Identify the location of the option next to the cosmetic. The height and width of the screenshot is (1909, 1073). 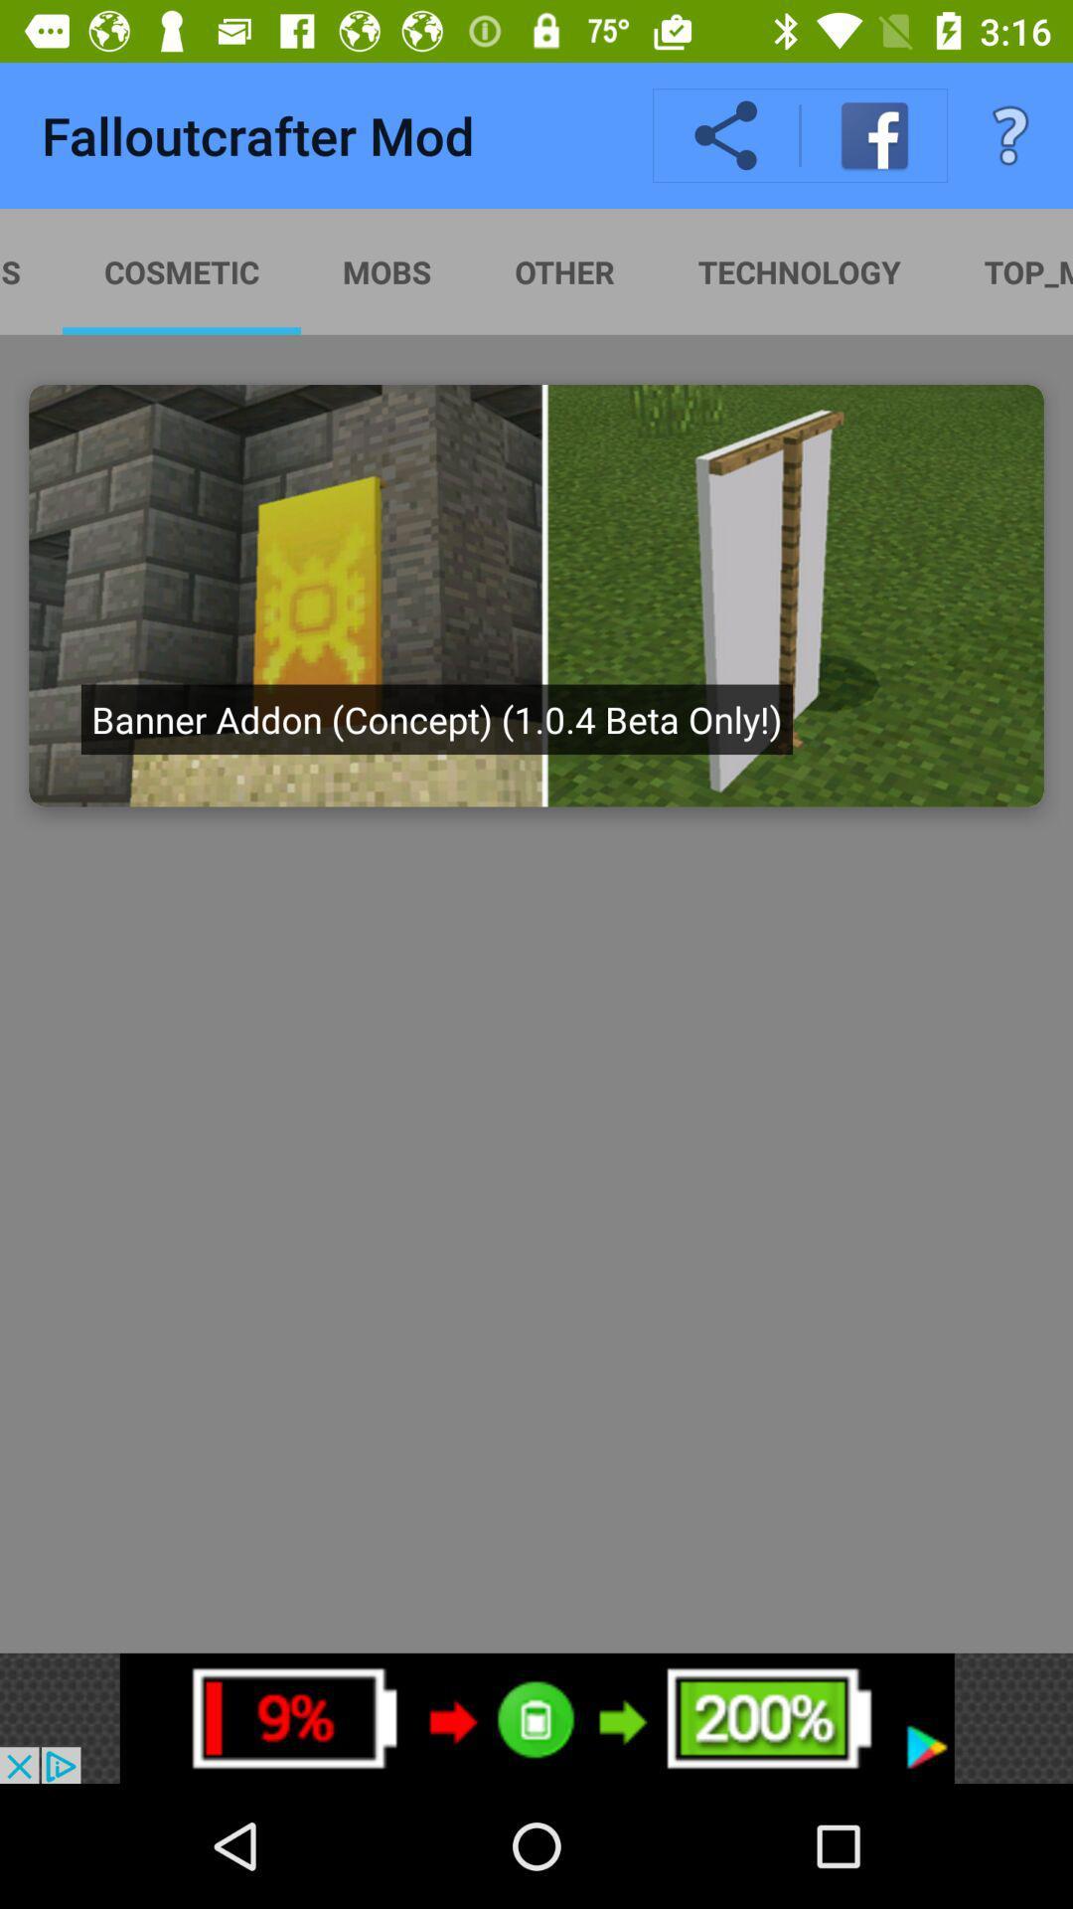
(386, 270).